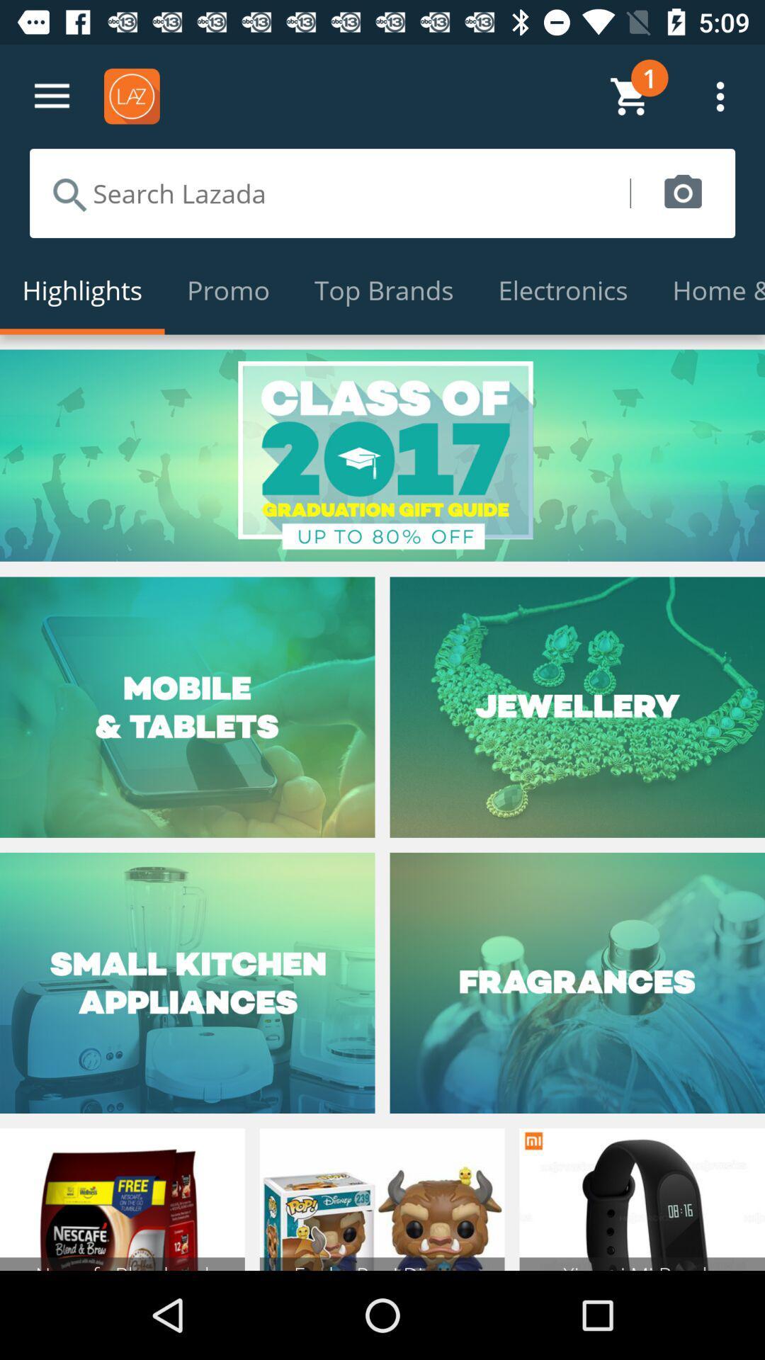 This screenshot has width=765, height=1360. I want to click on option, so click(382, 455).